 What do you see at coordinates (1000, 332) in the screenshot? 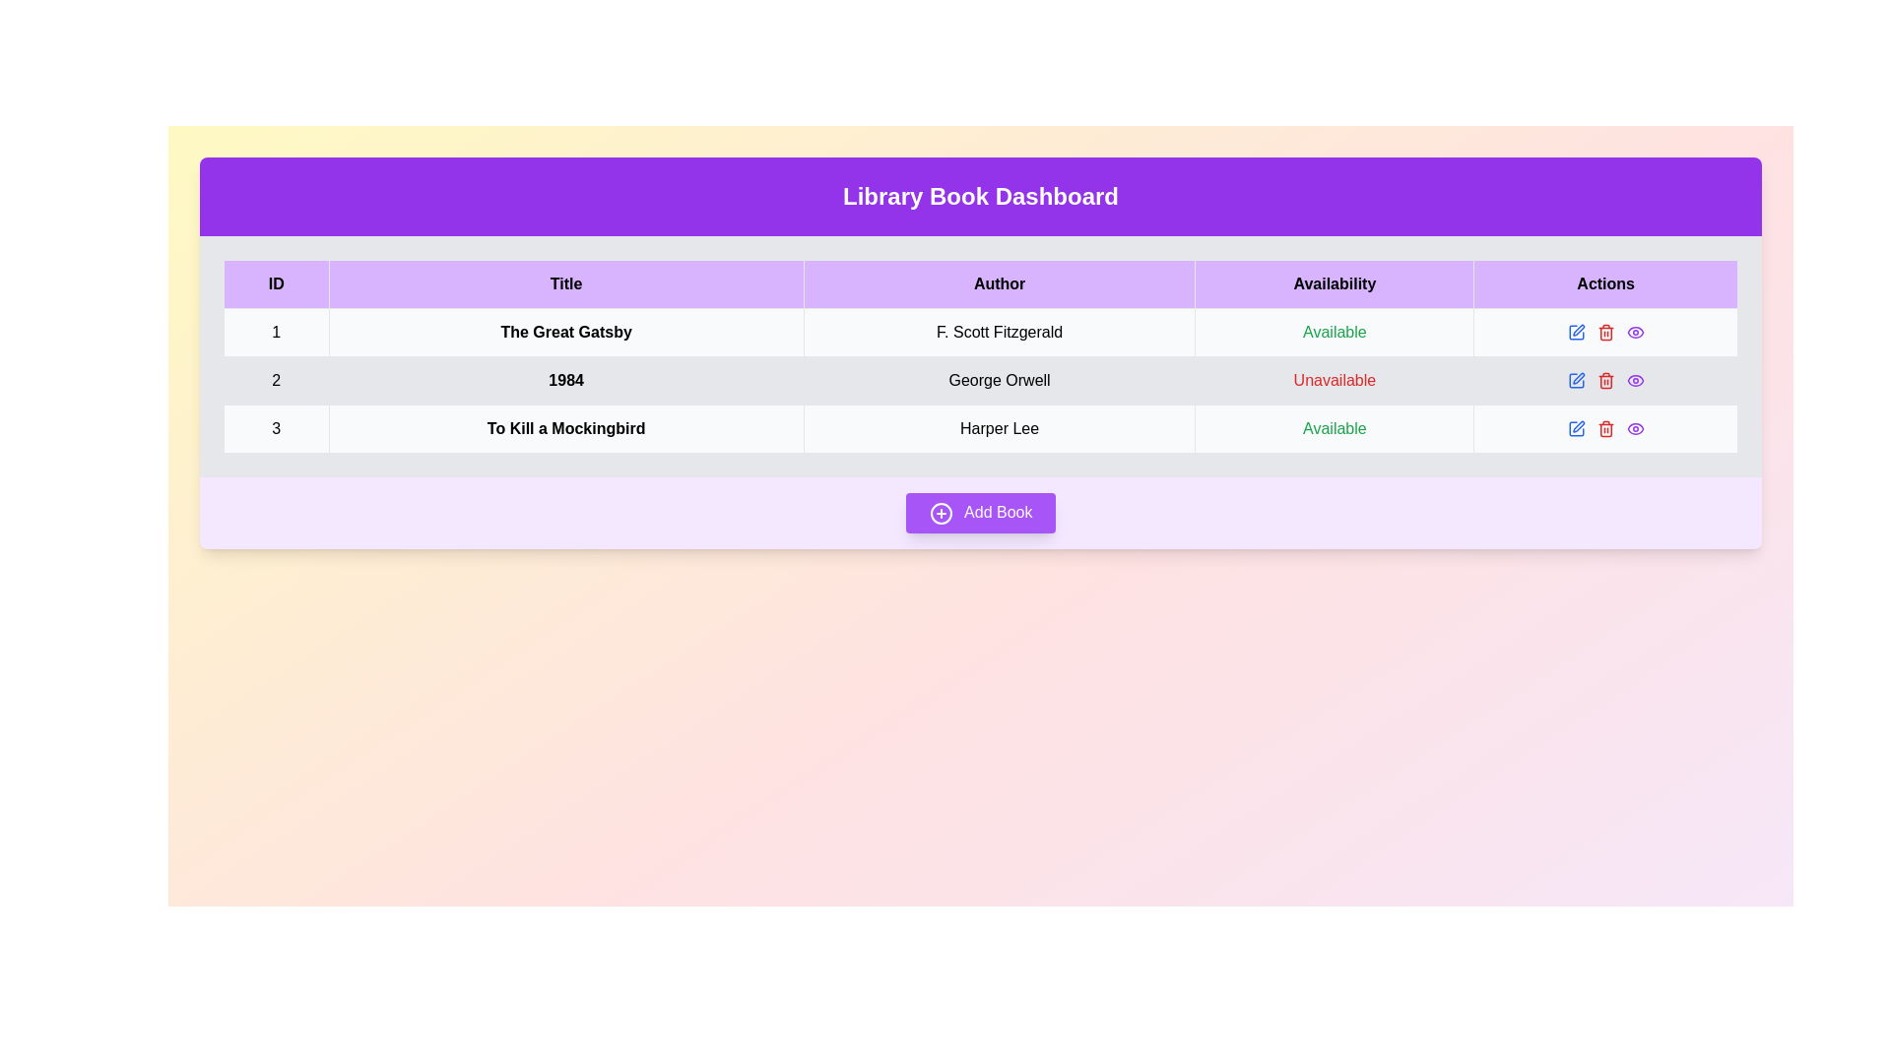
I see `the TextDisplay element displaying 'F. Scott Fitzgerald' in the third column of the first row of the data table` at bounding box center [1000, 332].